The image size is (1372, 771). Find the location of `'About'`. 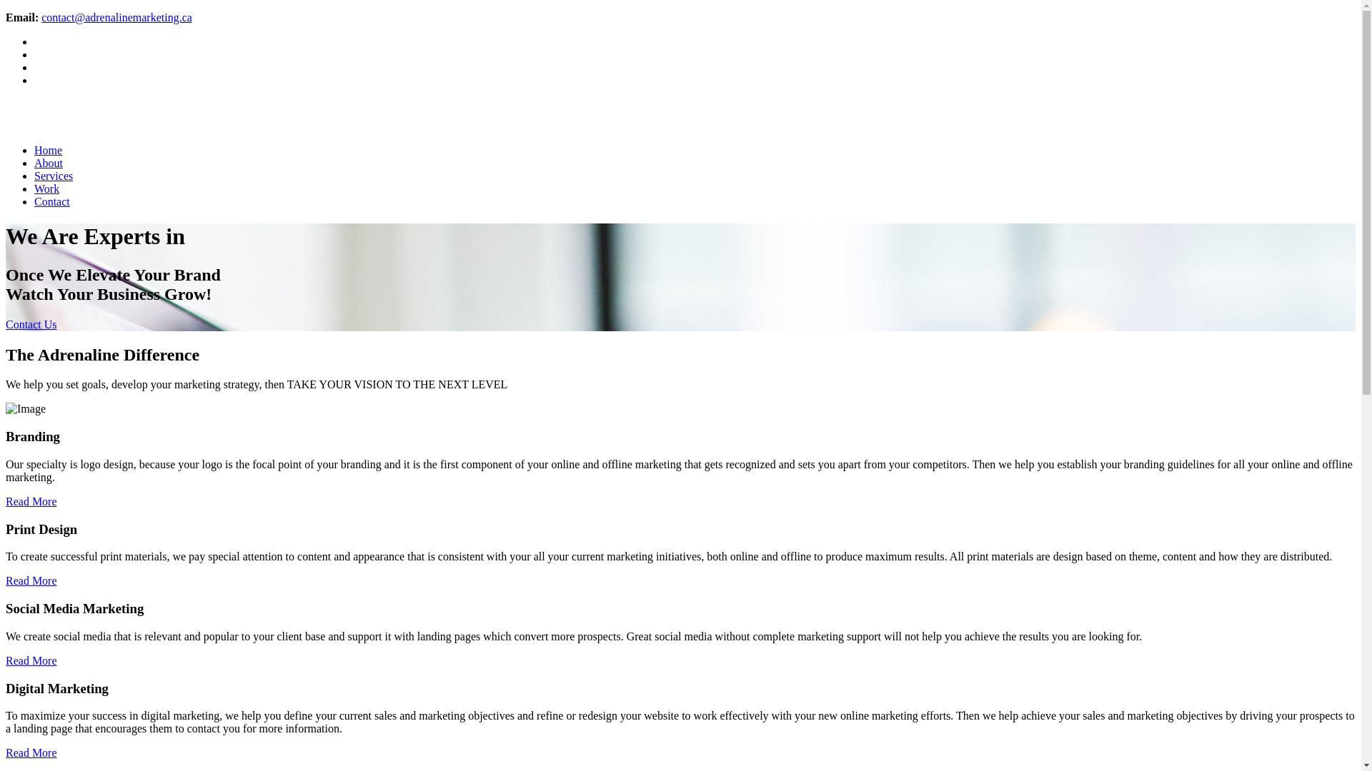

'About' is located at coordinates (34, 162).